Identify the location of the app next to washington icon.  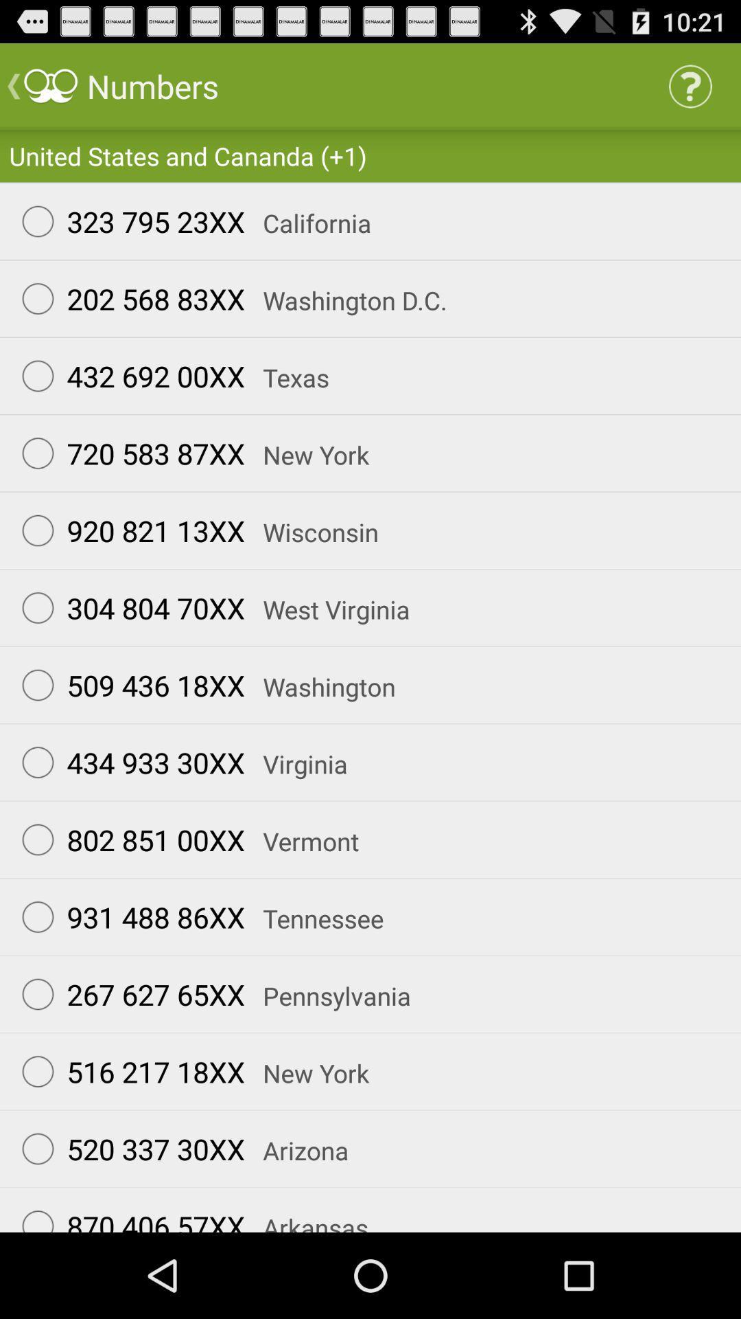
(127, 685).